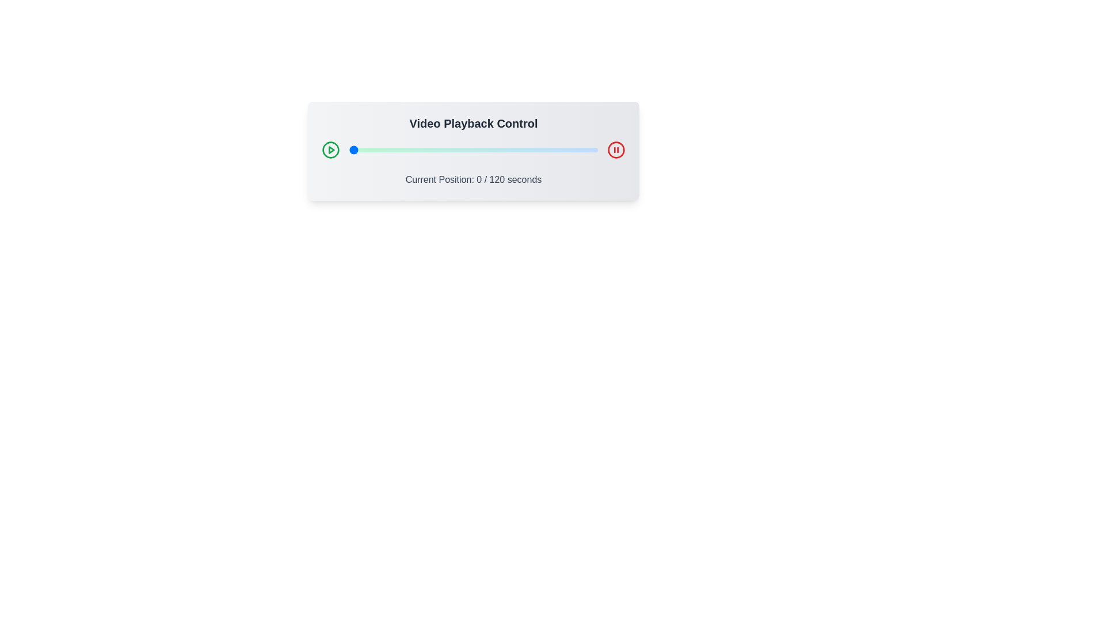  I want to click on the video playback slider to 46 seconds, so click(444, 149).